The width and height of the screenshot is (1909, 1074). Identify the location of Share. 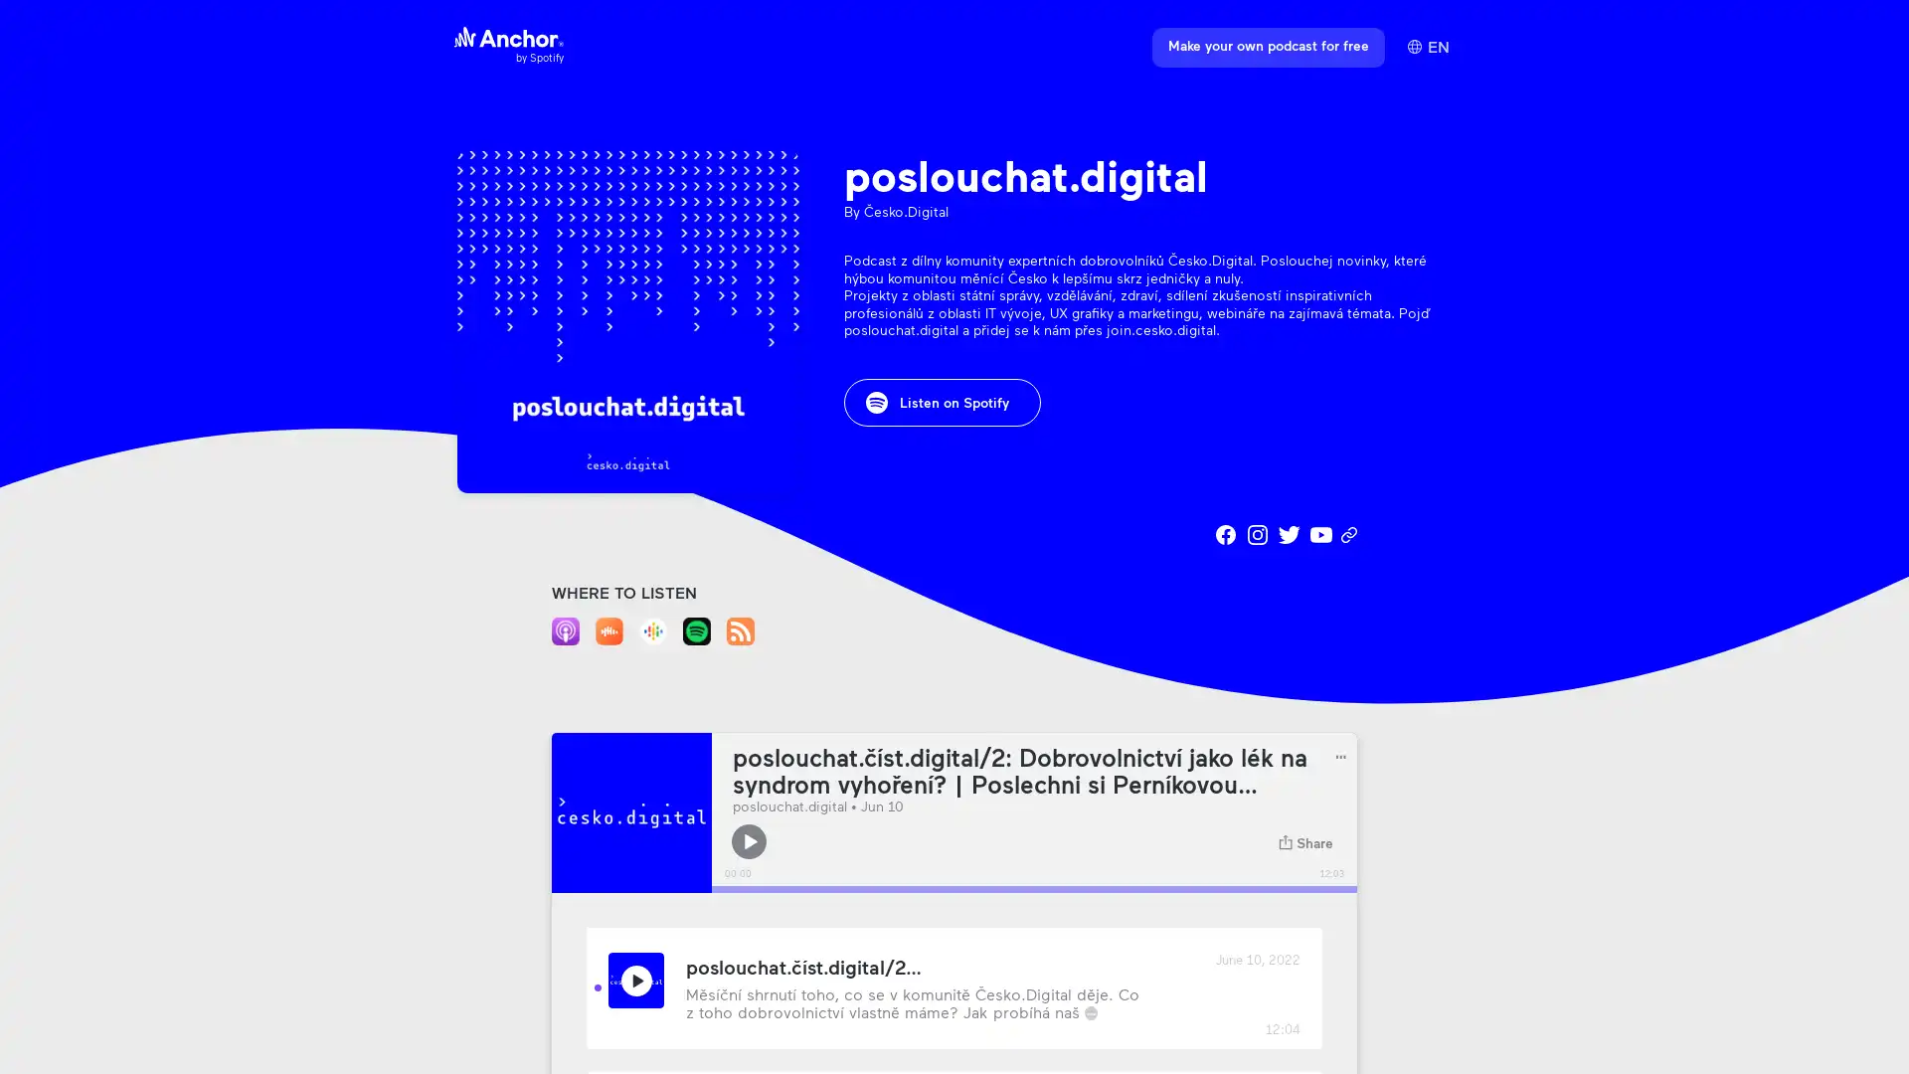
(1305, 842).